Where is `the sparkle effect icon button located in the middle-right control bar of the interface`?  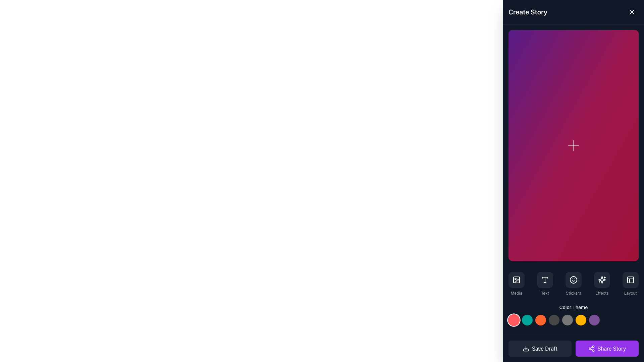
the sparkle effect icon button located in the middle-right control bar of the interface is located at coordinates (602, 279).